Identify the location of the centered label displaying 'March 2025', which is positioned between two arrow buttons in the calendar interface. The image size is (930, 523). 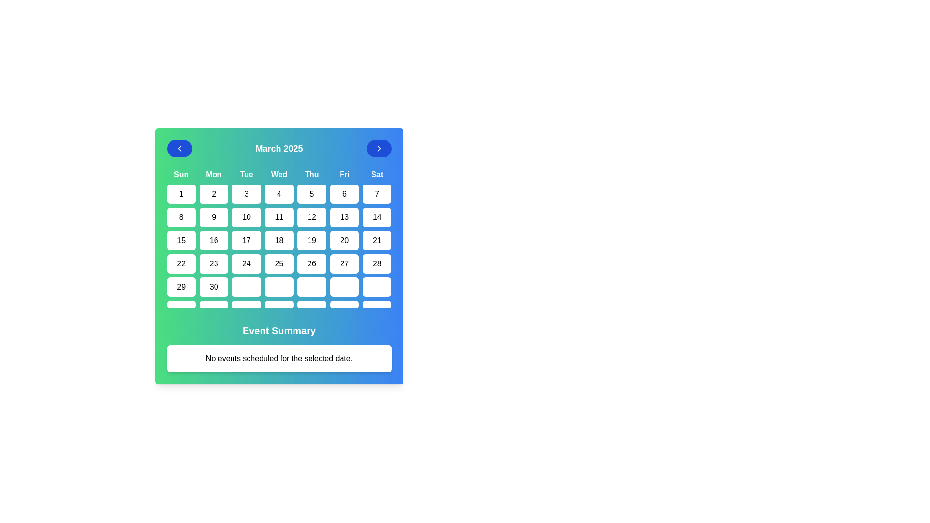
(279, 149).